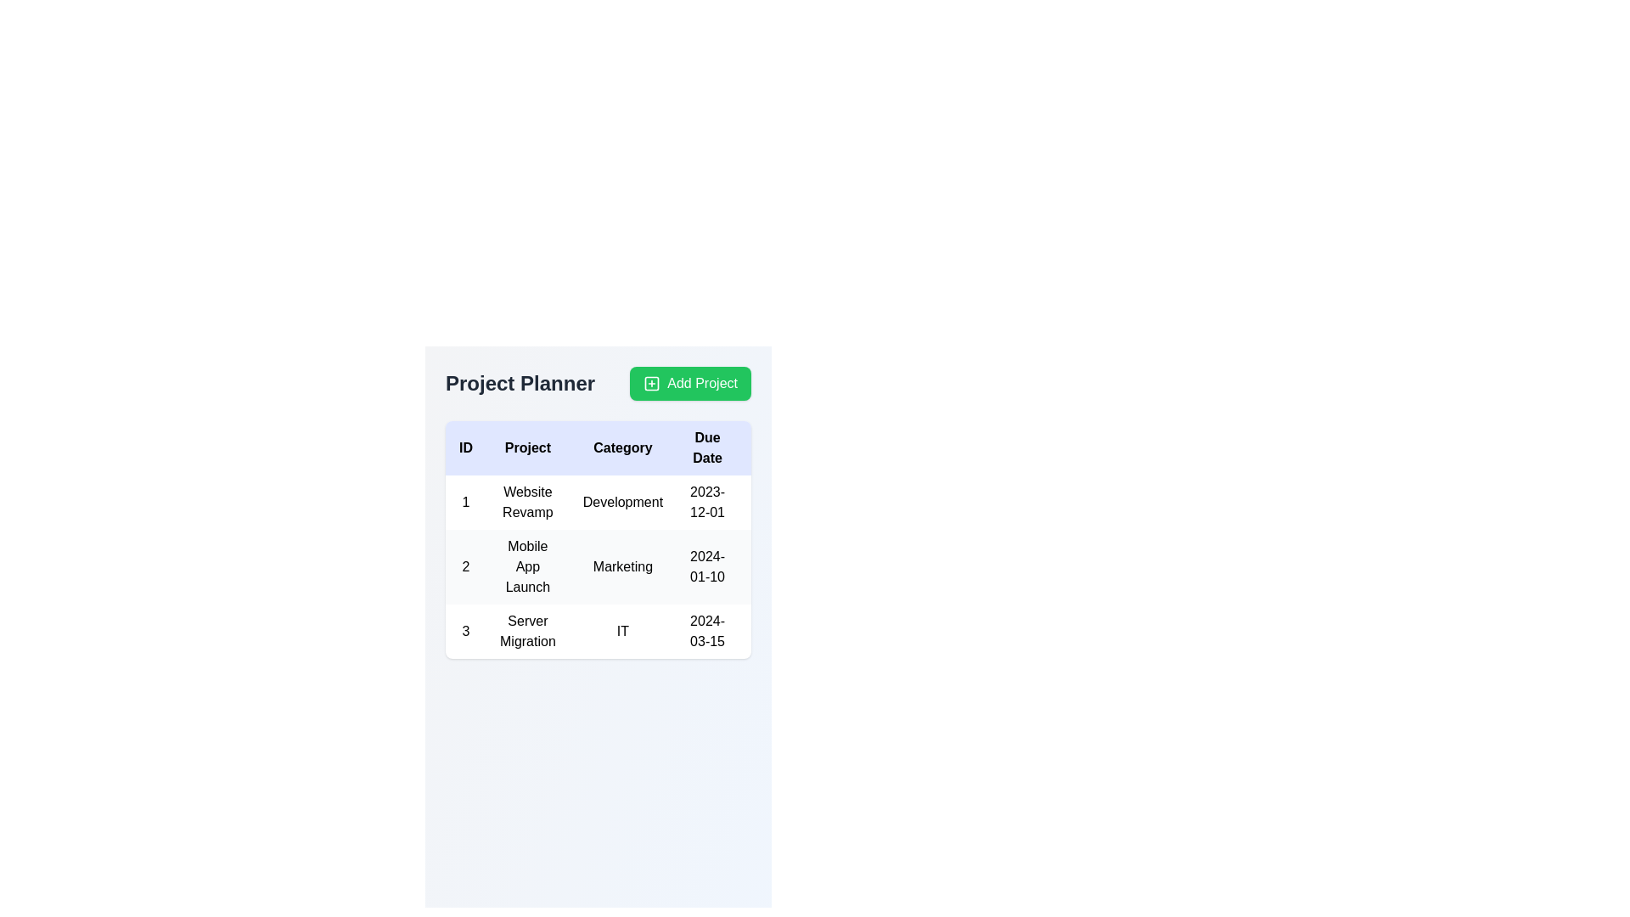  I want to click on the text label displaying 'Project', which is the second column header in a table, located between the 'ID' and 'Category' headers, so click(526, 447).